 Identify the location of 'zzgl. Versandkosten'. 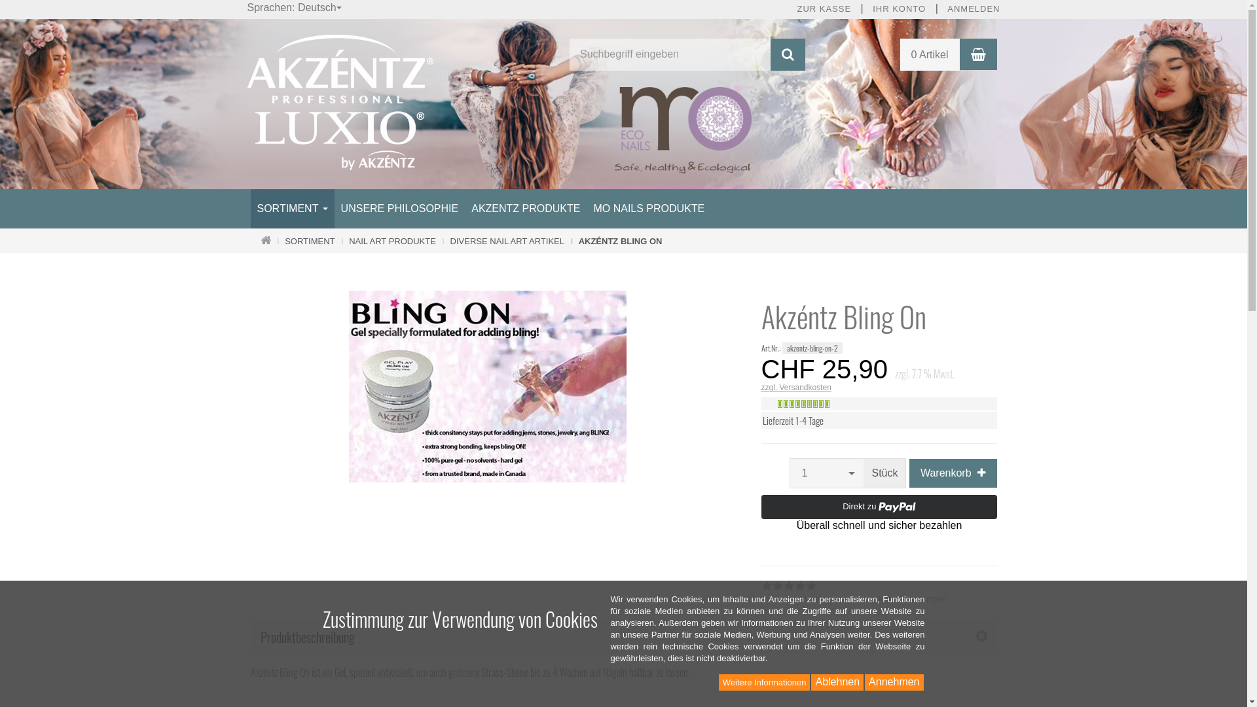
(760, 386).